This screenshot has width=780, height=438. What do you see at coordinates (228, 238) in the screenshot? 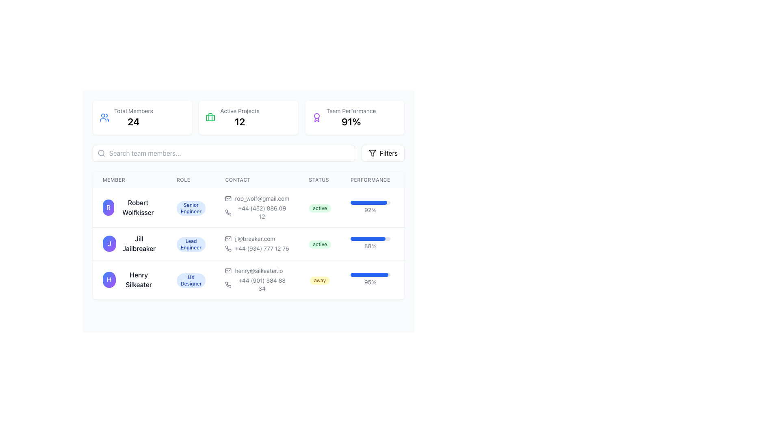
I see `the envelope icon representing email communications located in the contact section of the second row (Jill Jailbreaker) in the table of users under the 'Contact' column` at bounding box center [228, 238].